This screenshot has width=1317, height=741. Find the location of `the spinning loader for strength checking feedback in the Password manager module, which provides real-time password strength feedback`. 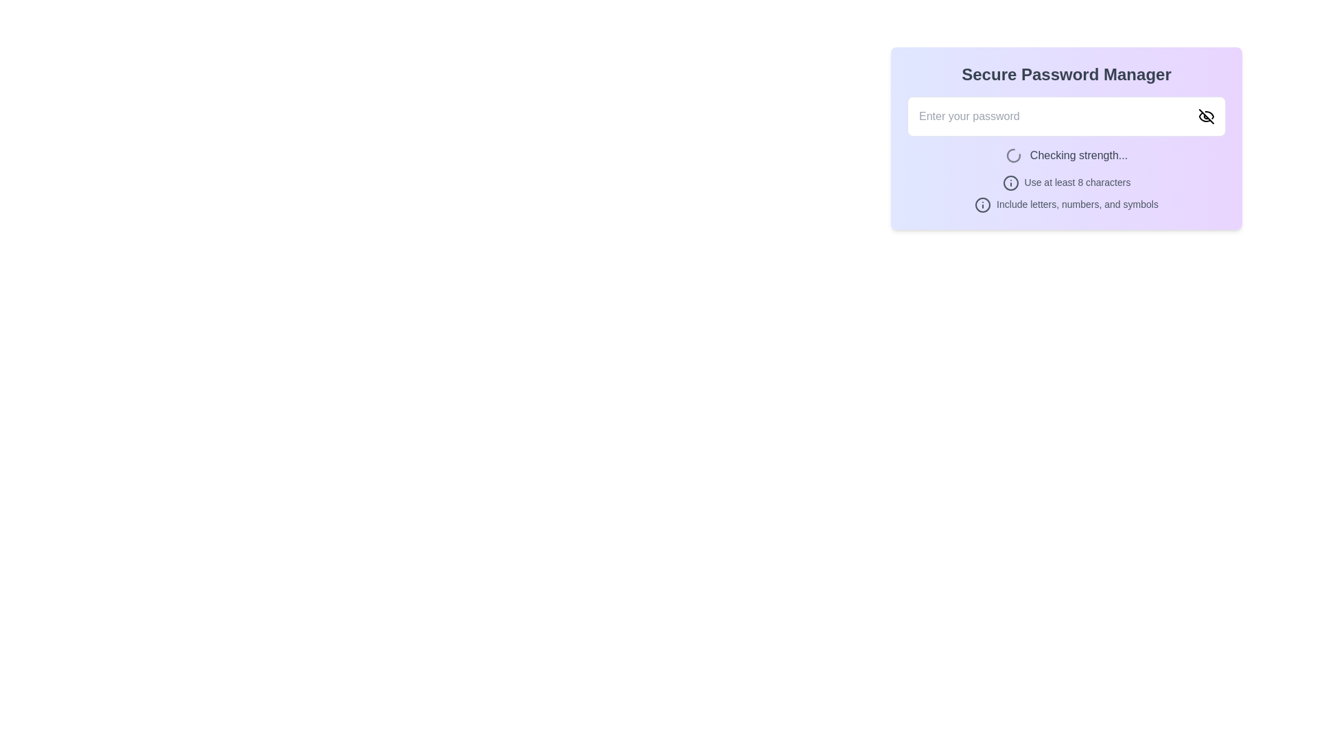

the spinning loader for strength checking feedback in the Password manager module, which provides real-time password strength feedback is located at coordinates (1066, 138).